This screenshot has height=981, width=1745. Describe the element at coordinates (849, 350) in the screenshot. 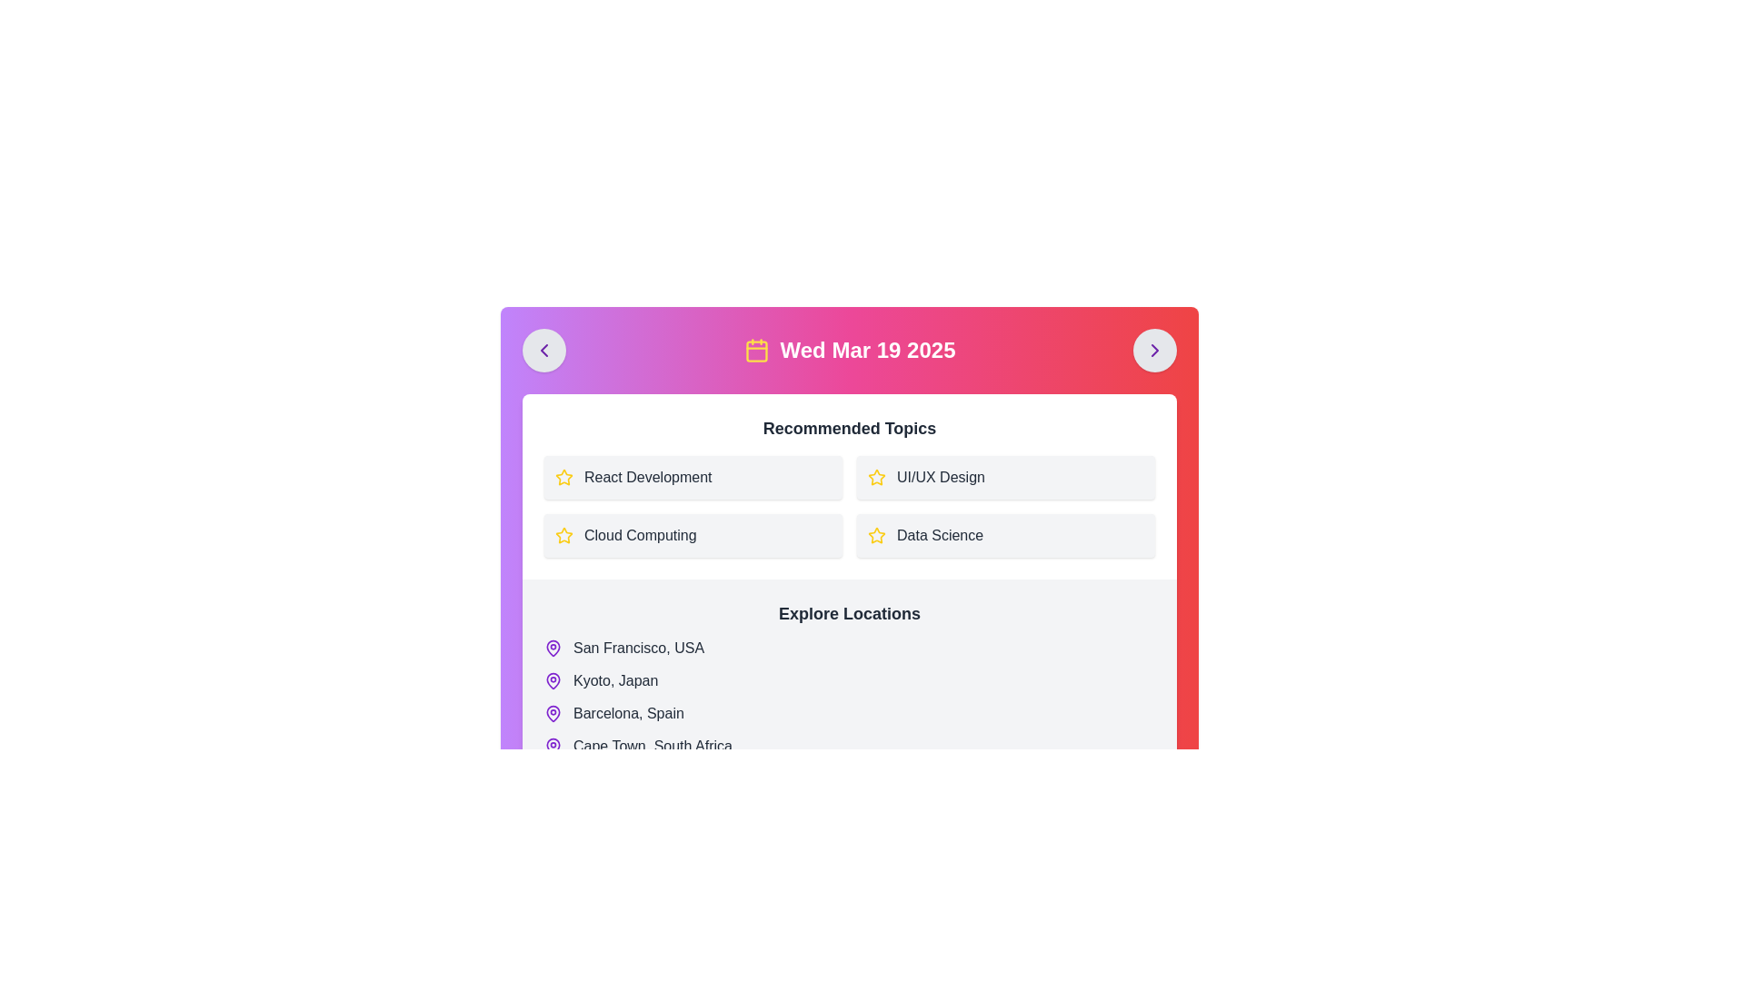

I see `the Informational Label displaying 'Wed Mar 19 2025' with a yellow calendar icon, which is centered above the 'Recommended Topics' area` at that location.